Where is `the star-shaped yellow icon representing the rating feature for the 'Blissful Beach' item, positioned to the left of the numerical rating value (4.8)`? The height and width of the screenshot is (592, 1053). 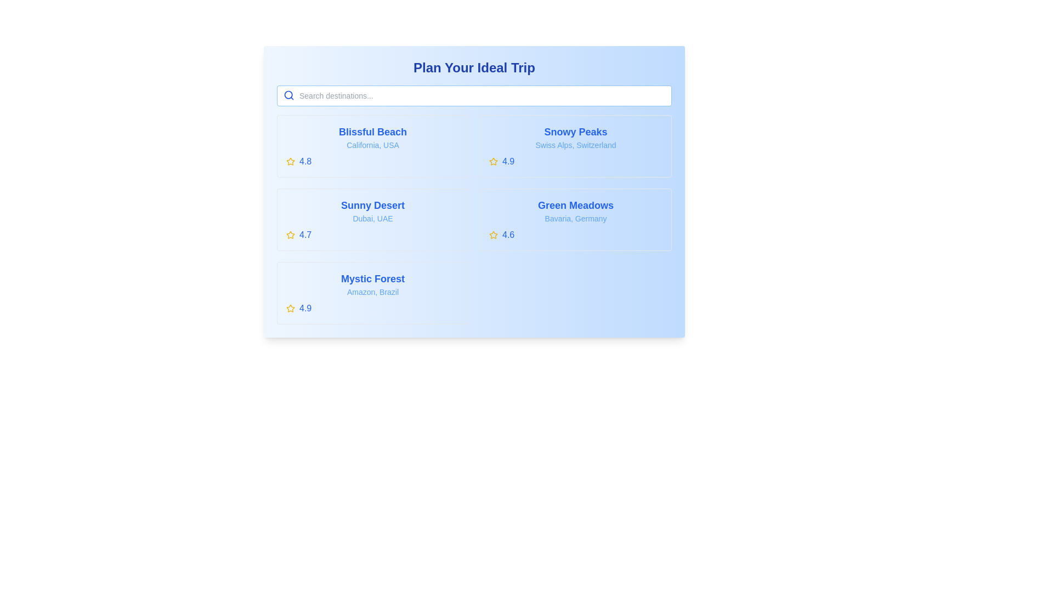 the star-shaped yellow icon representing the rating feature for the 'Blissful Beach' item, positioned to the left of the numerical rating value (4.8) is located at coordinates (290, 308).